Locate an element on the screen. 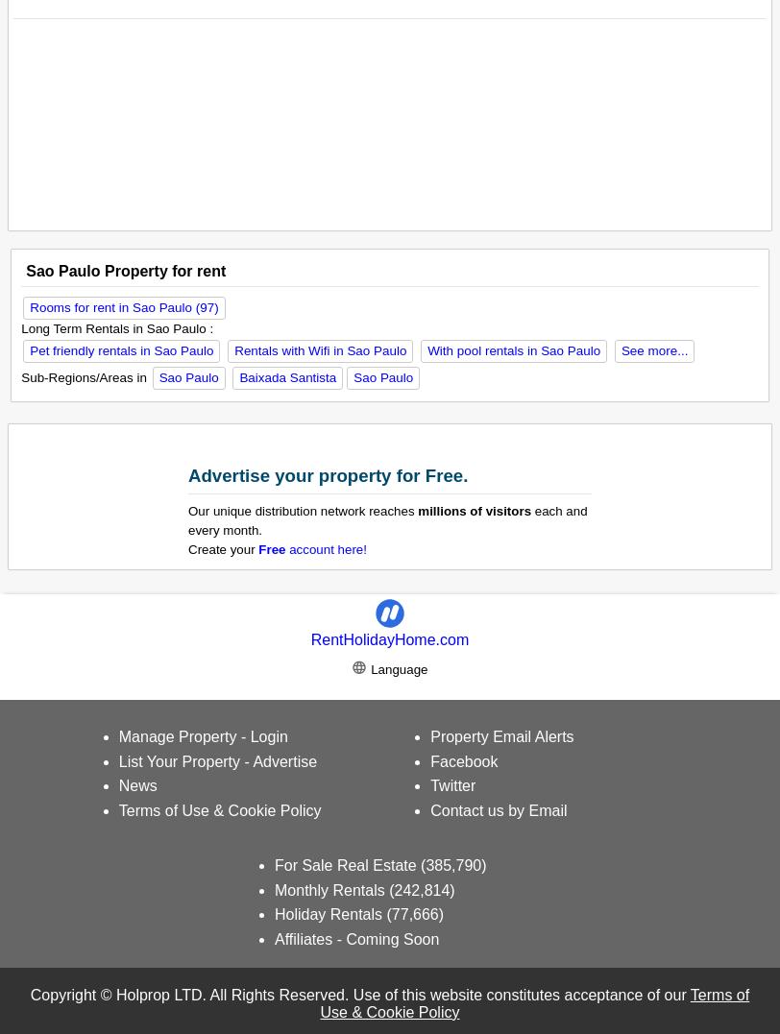 This screenshot has width=780, height=1034. 'Long Term Rentals in Sao Paulo :' is located at coordinates (116, 326).